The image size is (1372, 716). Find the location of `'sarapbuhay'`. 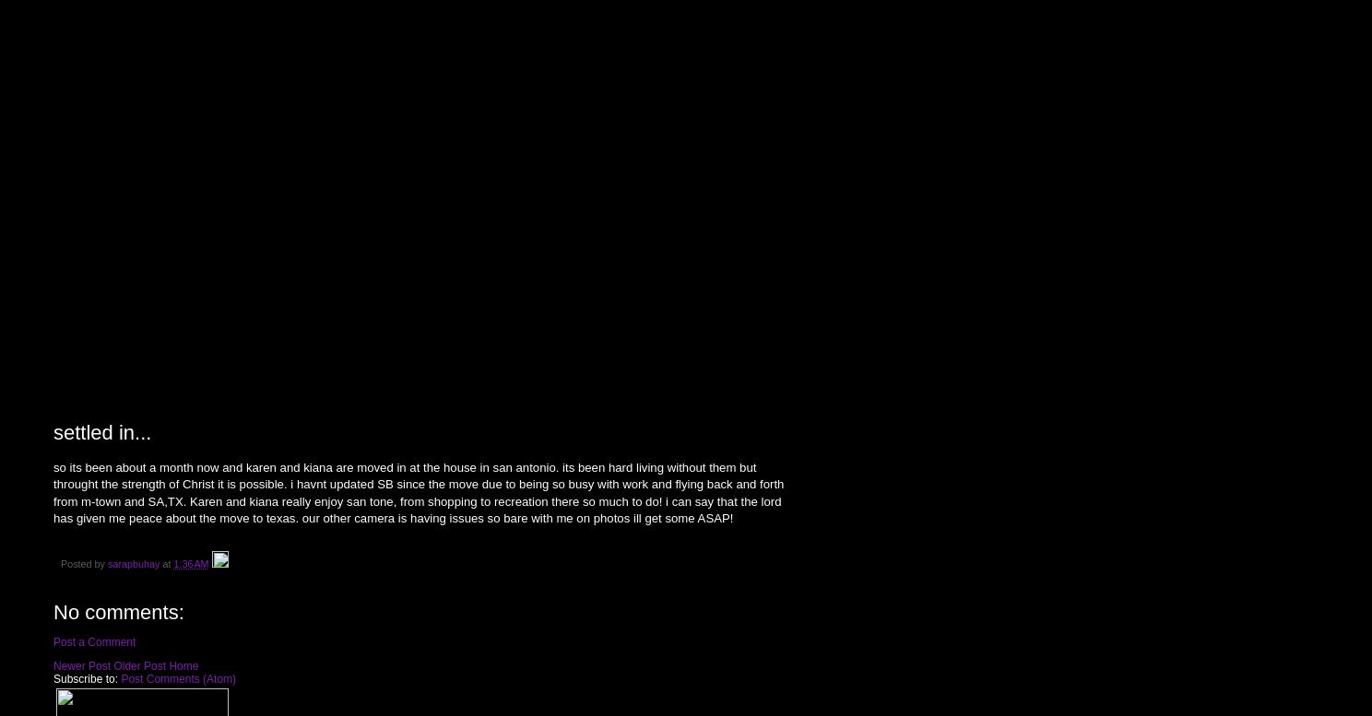

'sarapbuhay' is located at coordinates (106, 562).